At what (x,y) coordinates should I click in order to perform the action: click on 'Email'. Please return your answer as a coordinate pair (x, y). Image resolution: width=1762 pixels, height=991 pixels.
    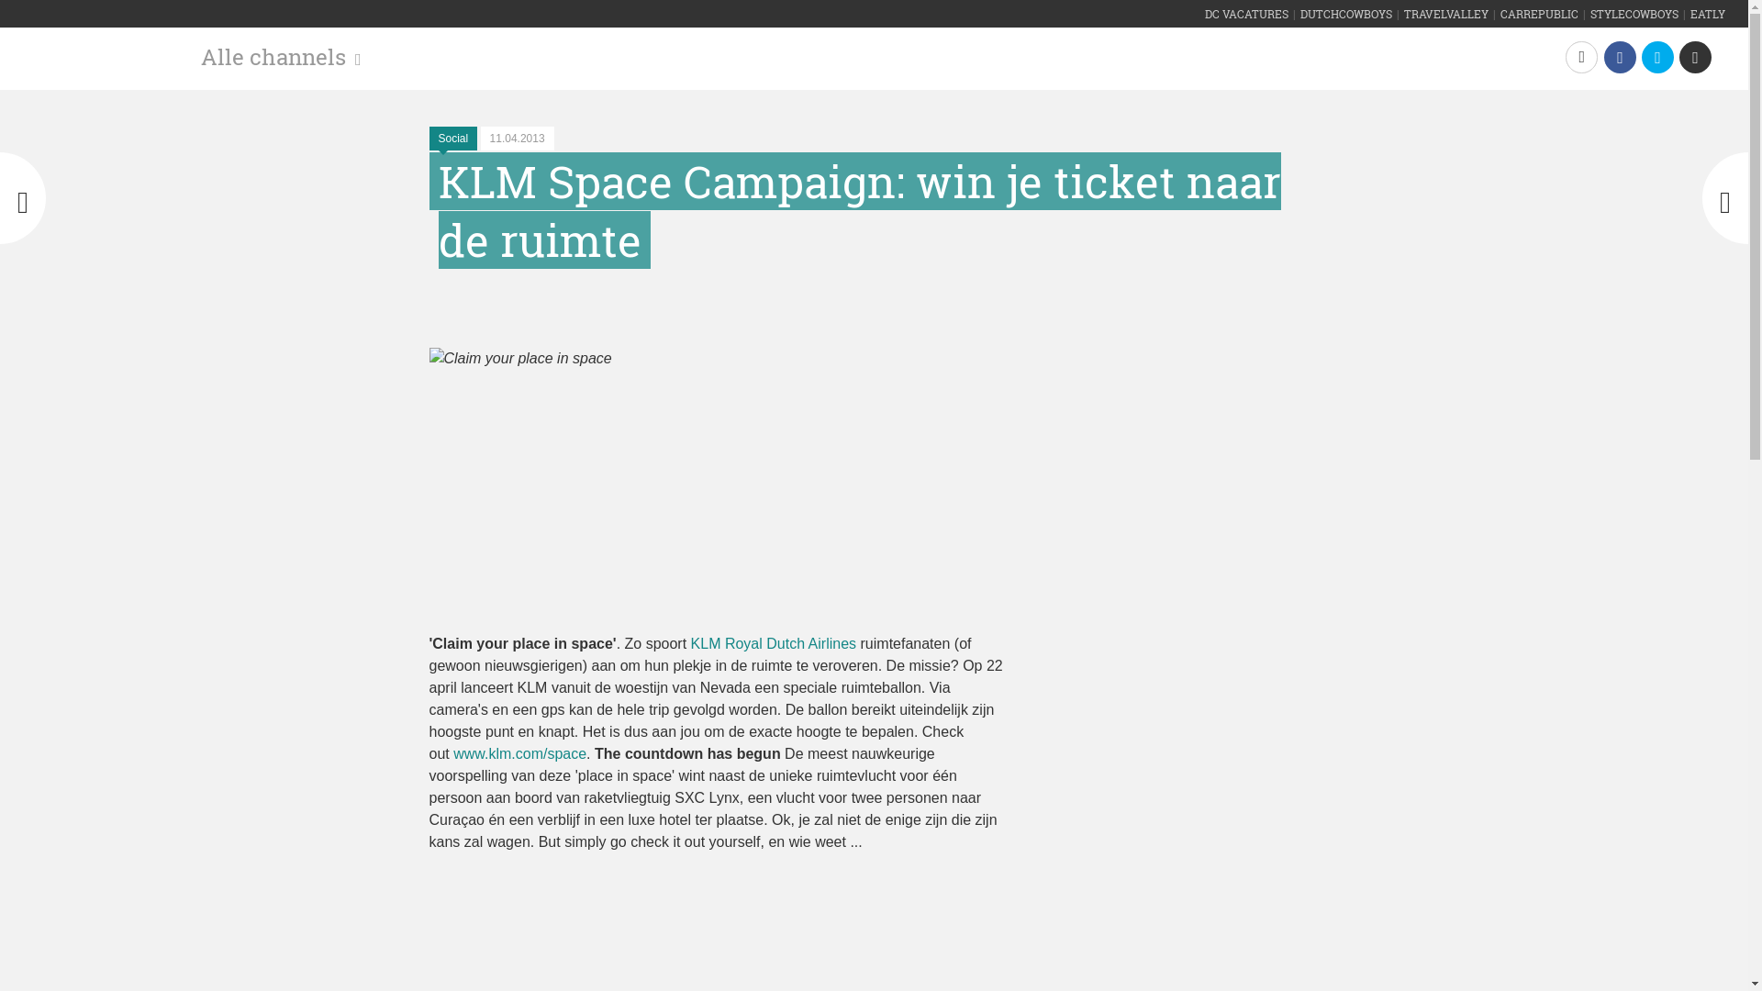
    Looking at the image, I should click on (1694, 56).